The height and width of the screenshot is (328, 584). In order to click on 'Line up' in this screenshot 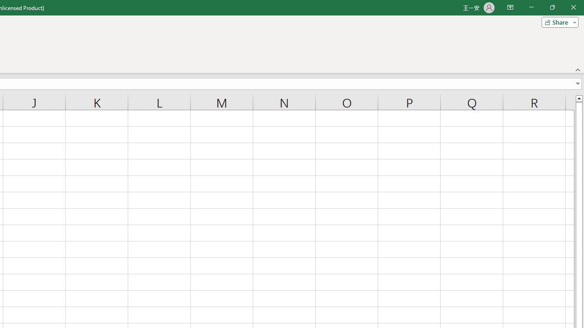, I will do `click(579, 98)`.